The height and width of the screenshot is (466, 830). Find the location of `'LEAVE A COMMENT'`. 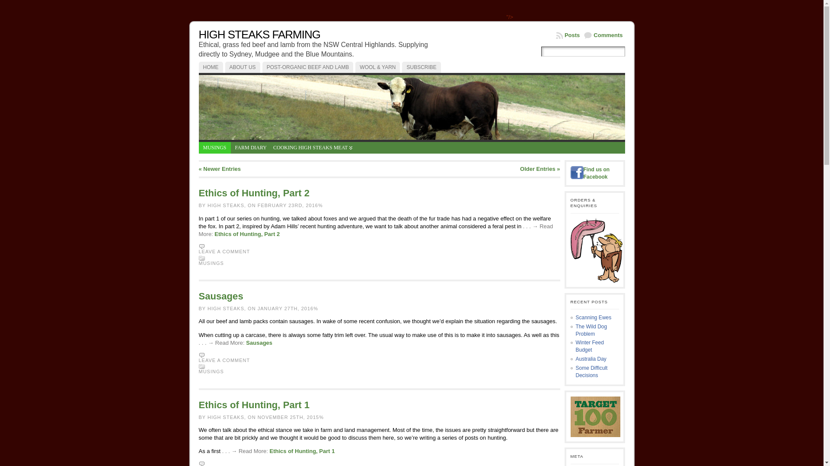

'LEAVE A COMMENT' is located at coordinates (224, 251).